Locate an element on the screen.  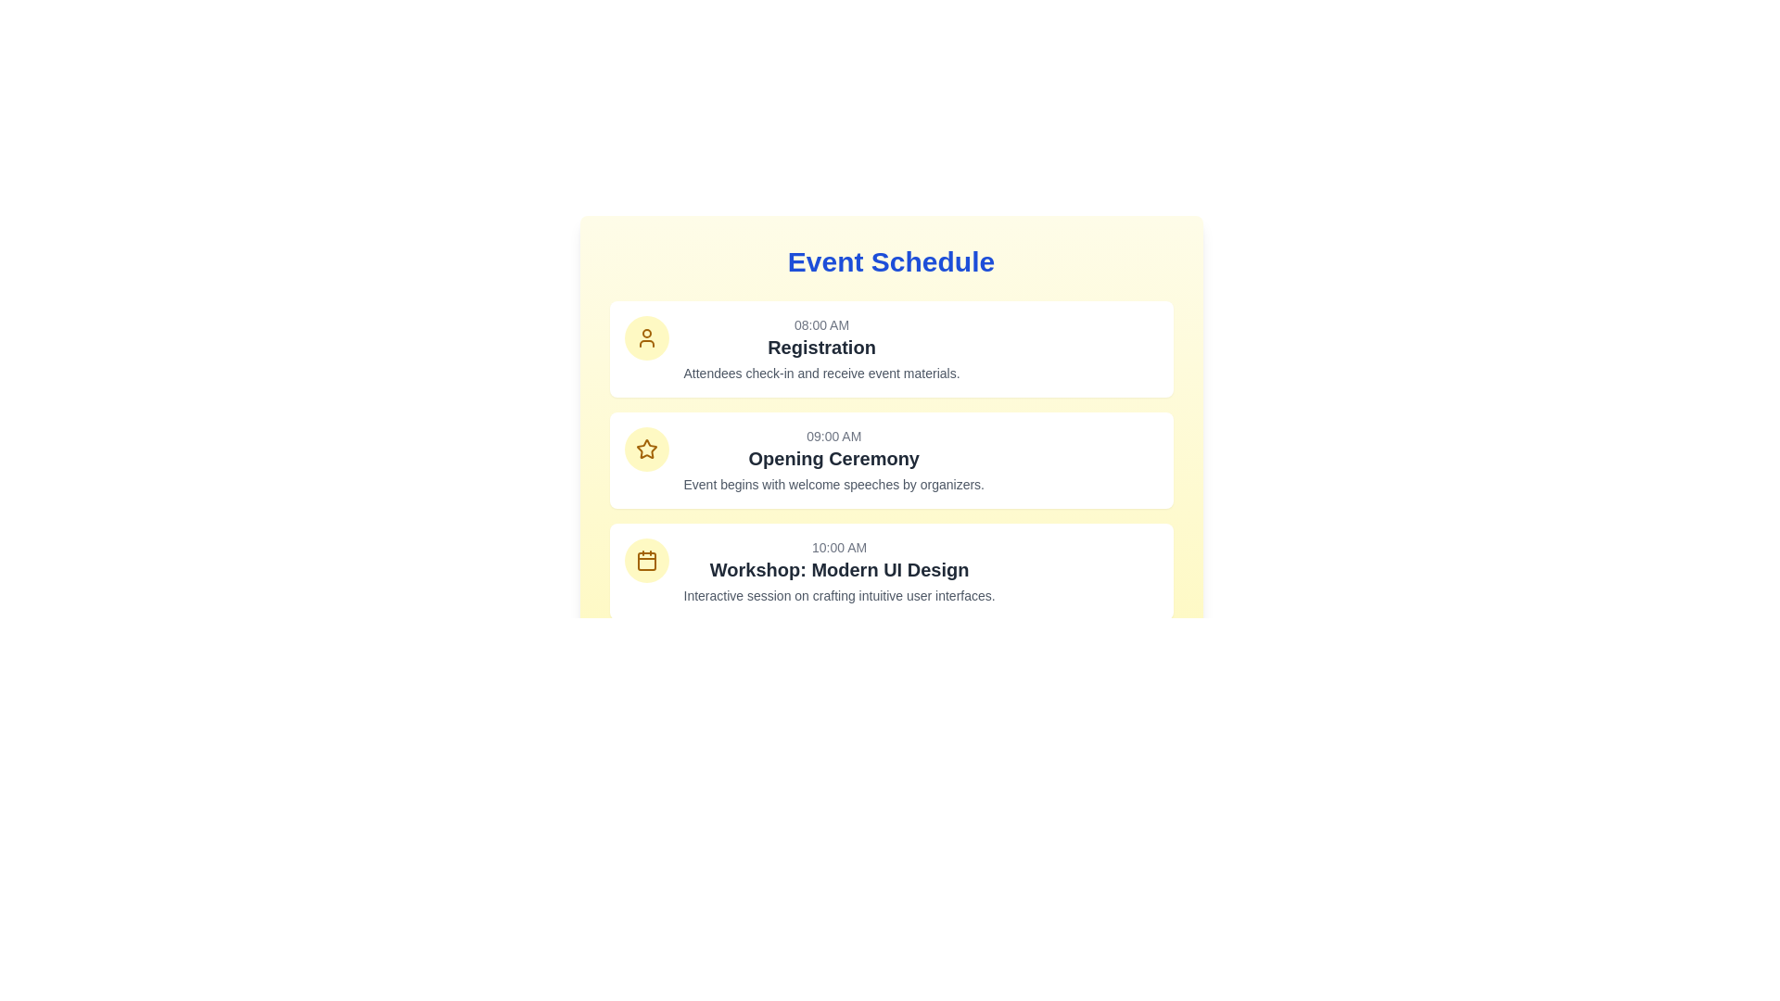
the text content providing a description for the 'Modern UI Design' workshop, located below the workshop heading in the third event entry of the 'Event Schedule' section is located at coordinates (838, 596).